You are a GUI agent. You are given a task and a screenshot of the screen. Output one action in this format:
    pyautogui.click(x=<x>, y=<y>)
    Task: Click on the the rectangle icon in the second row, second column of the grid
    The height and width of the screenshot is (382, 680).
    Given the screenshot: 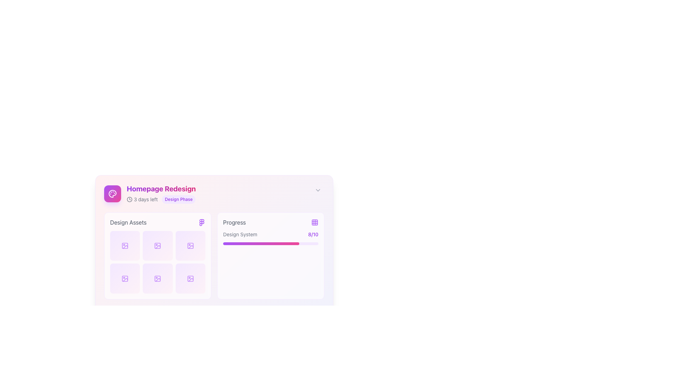 What is the action you would take?
    pyautogui.click(x=157, y=278)
    